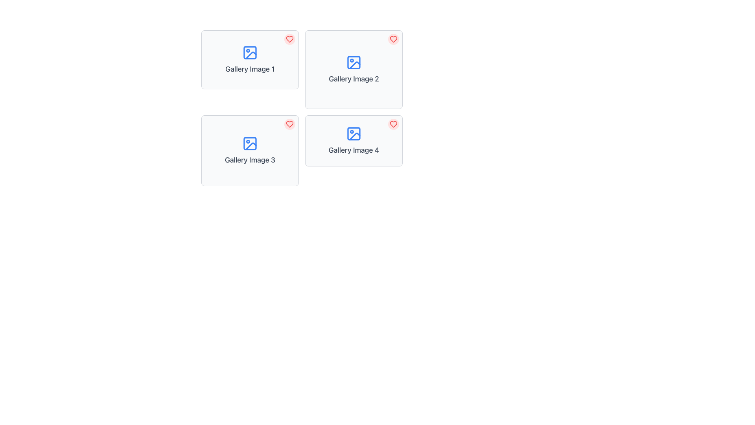 The height and width of the screenshot is (425, 755). I want to click on the gallery icon that serves as a thumbnail representation for the fourth item in a grid display, so click(354, 133).